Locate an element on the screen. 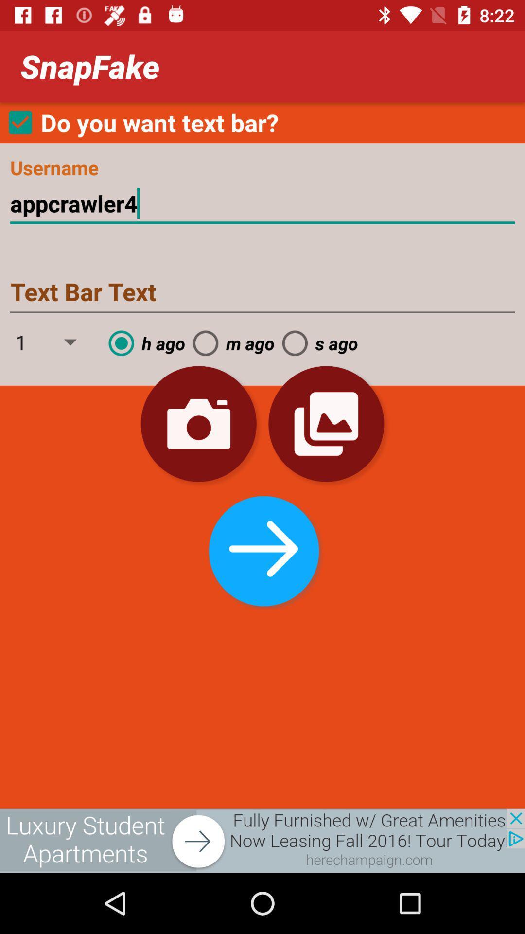 The image size is (525, 934). screen putton is located at coordinates (262, 840).